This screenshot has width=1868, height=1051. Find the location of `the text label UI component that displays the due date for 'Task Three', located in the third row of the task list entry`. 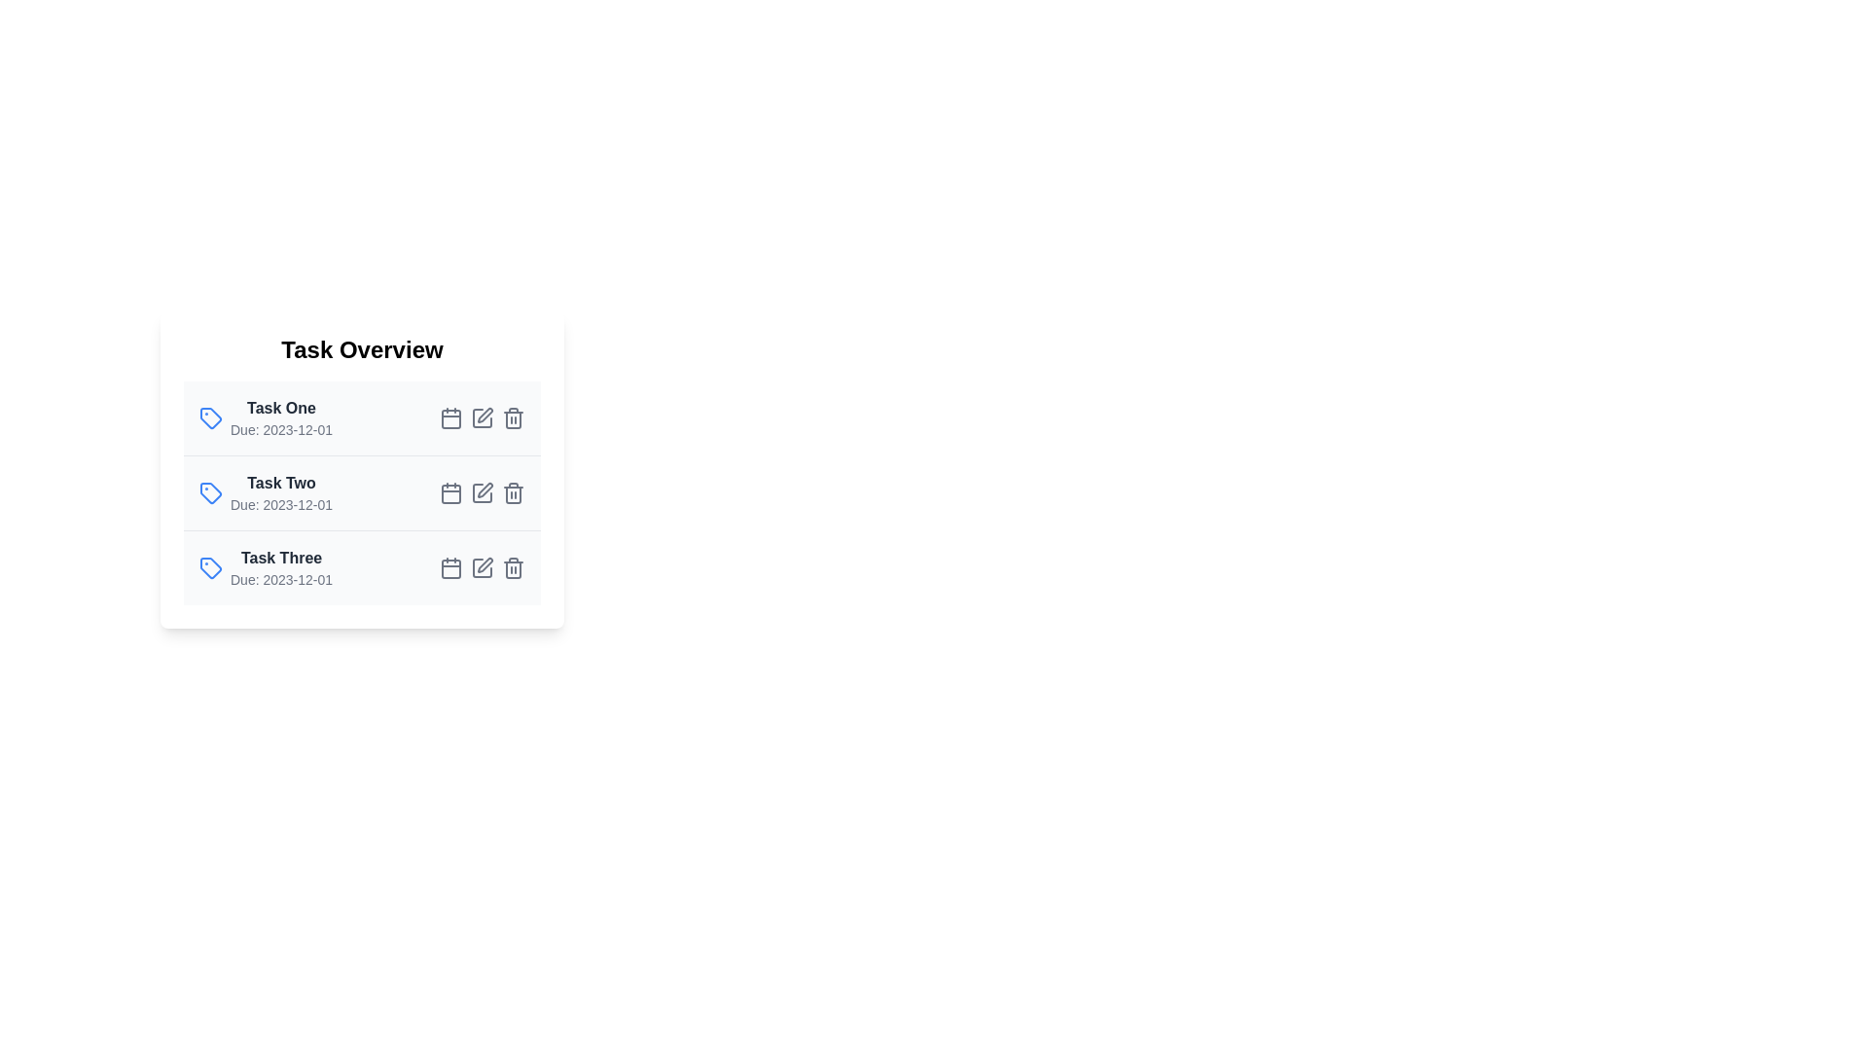

the text label UI component that displays the due date for 'Task Three', located in the third row of the task list entry is located at coordinates (280, 579).